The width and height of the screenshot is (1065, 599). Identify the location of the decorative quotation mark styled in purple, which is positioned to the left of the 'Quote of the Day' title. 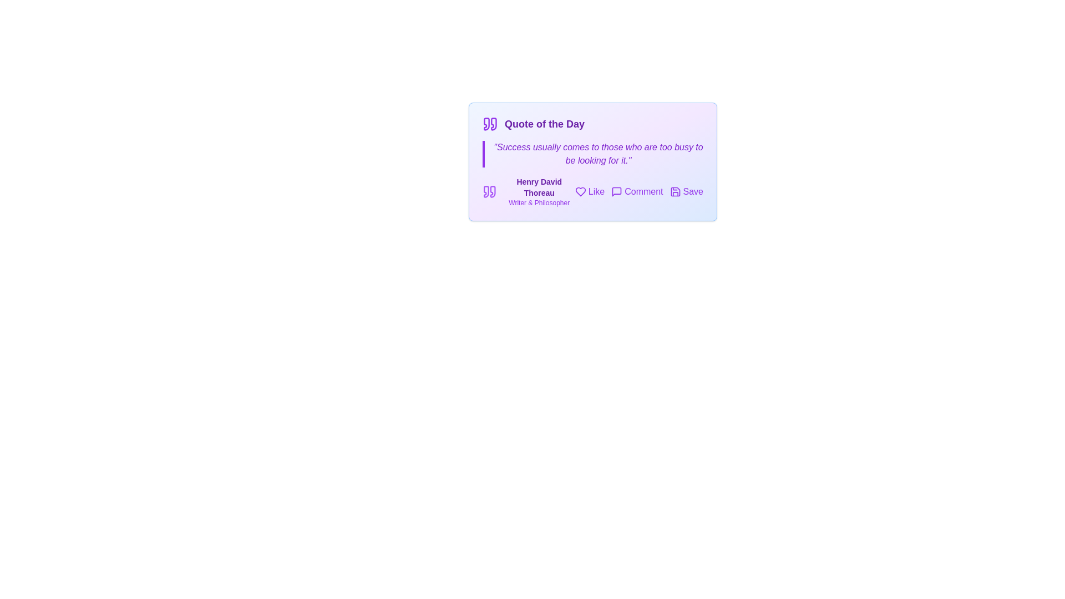
(486, 124).